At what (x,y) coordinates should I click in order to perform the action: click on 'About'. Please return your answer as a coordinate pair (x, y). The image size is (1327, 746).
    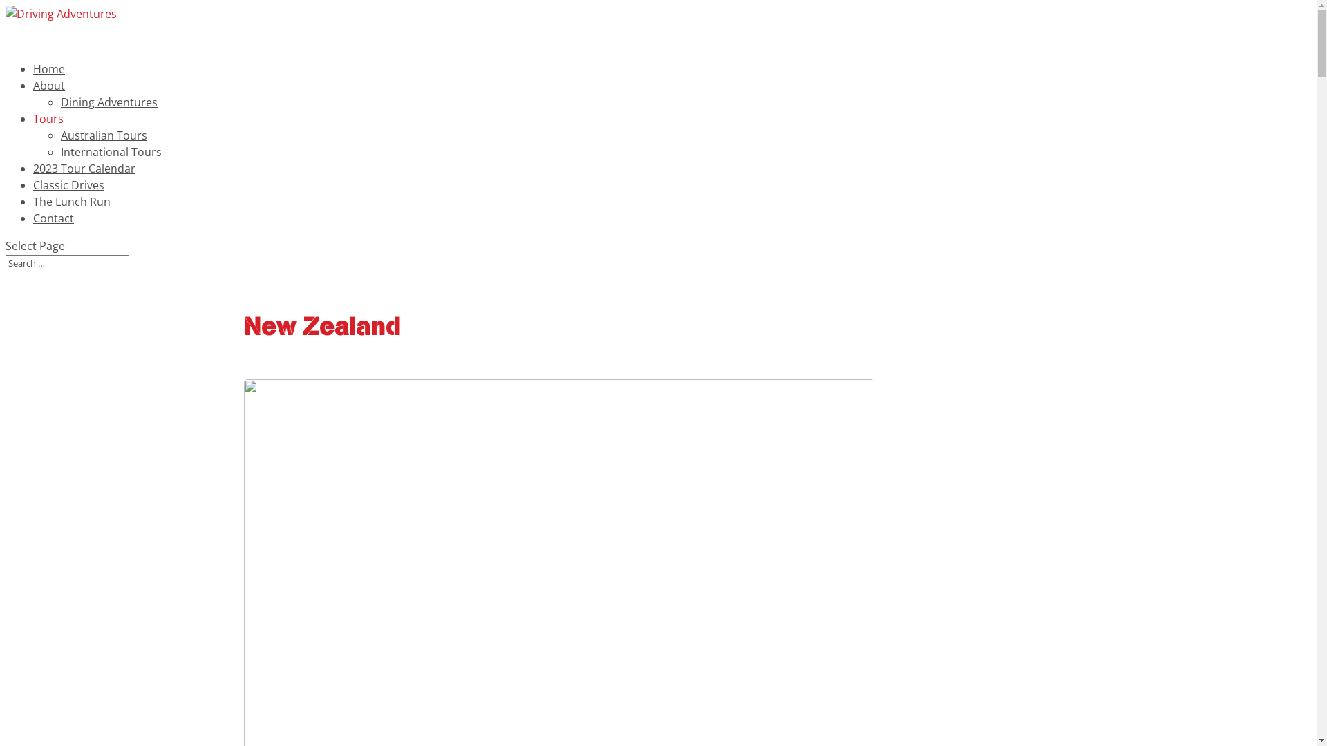
    Looking at the image, I should click on (49, 98).